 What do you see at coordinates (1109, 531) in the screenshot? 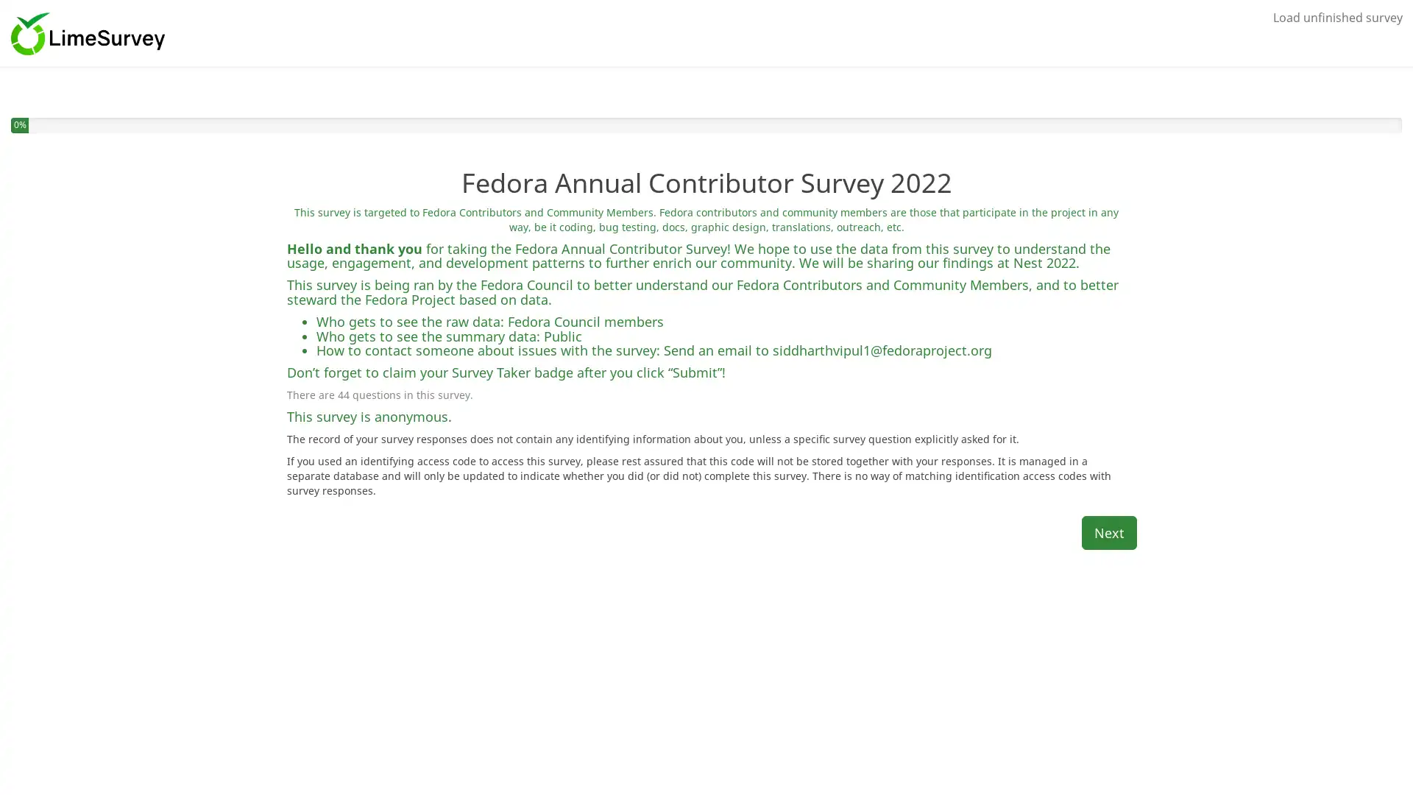
I see `Next` at bounding box center [1109, 531].